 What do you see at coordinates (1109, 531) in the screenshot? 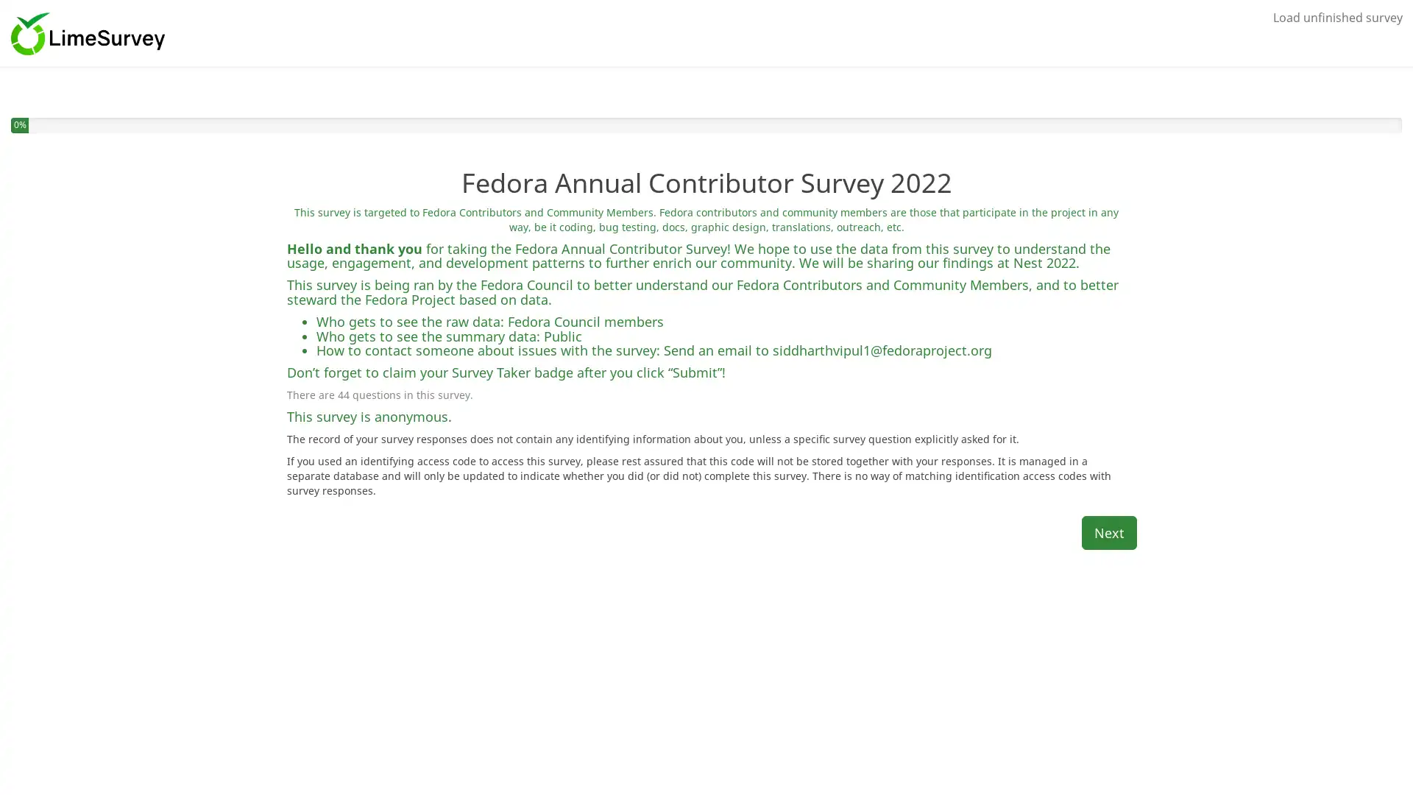
I see `Next` at bounding box center [1109, 531].